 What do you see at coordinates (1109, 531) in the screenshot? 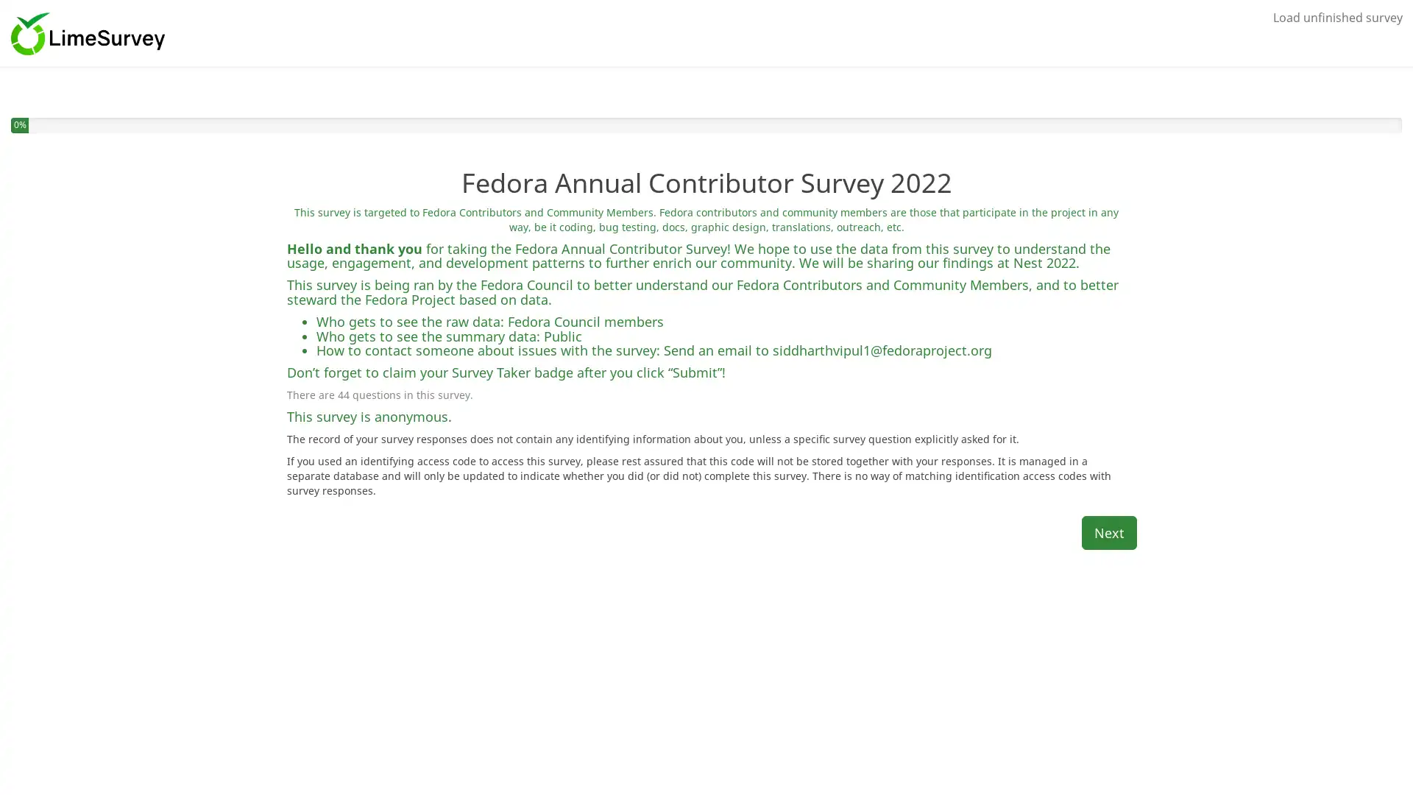
I see `Next` at bounding box center [1109, 531].